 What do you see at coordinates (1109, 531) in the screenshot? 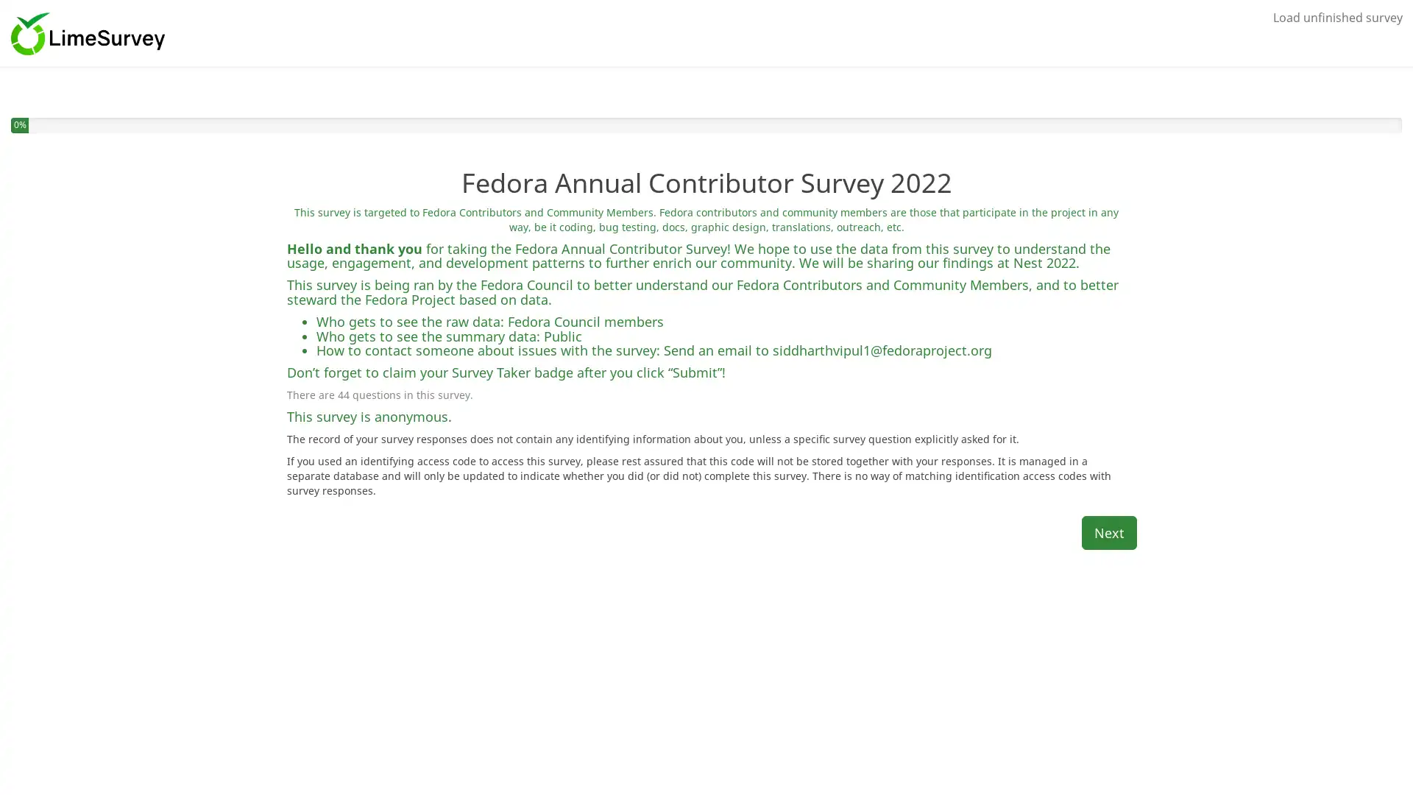
I see `Next` at bounding box center [1109, 531].